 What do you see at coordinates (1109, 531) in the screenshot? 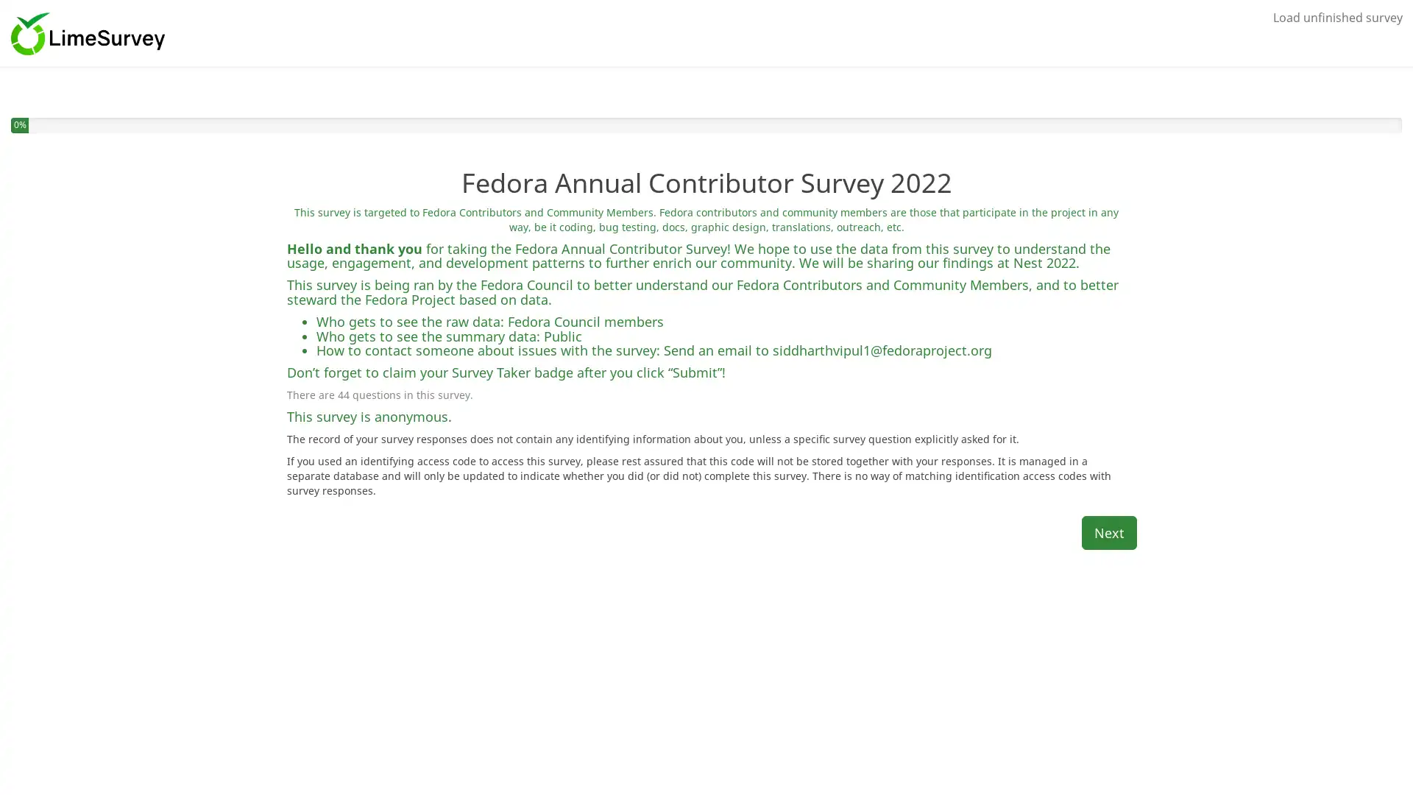
I see `Next` at bounding box center [1109, 531].